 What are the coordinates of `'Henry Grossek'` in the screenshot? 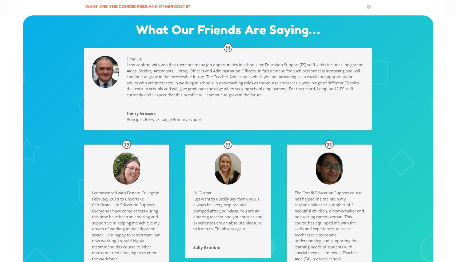 It's located at (141, 113).